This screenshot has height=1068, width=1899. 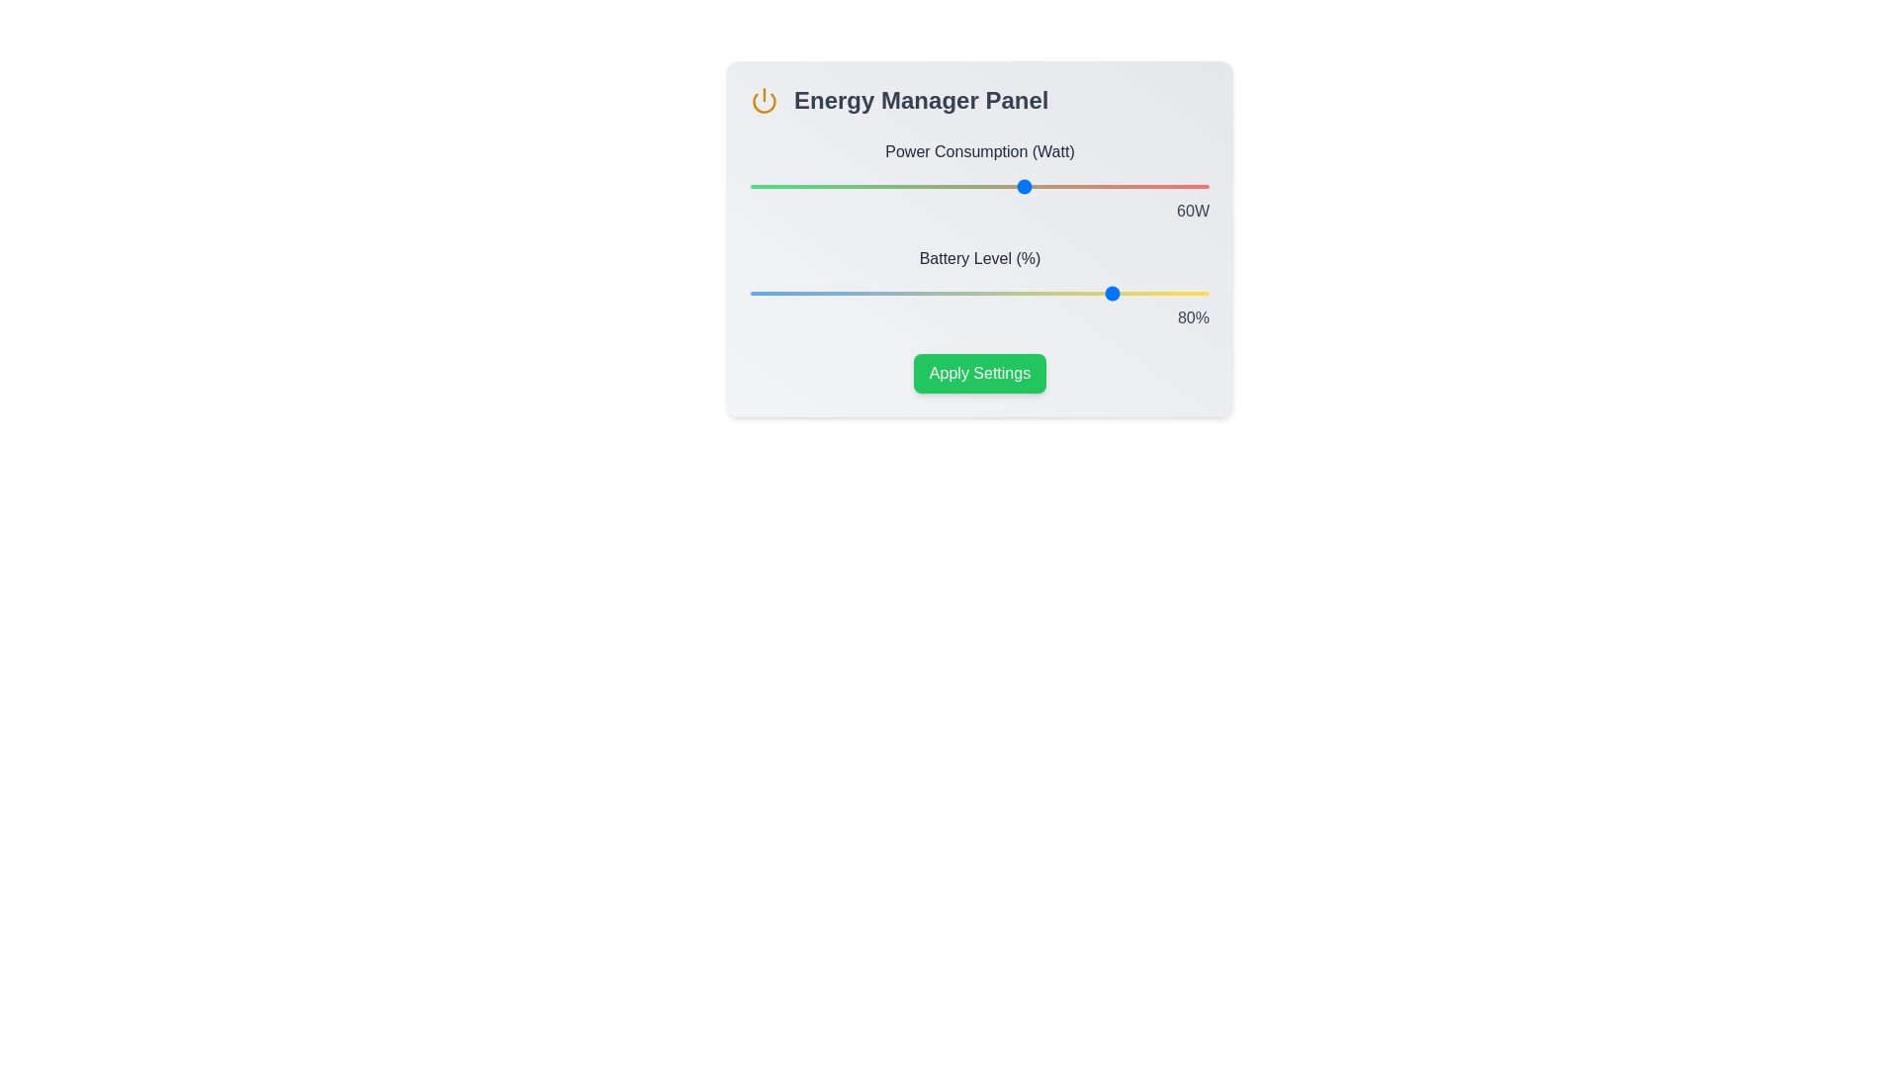 I want to click on the battery level slider to 30%, so click(x=887, y=294).